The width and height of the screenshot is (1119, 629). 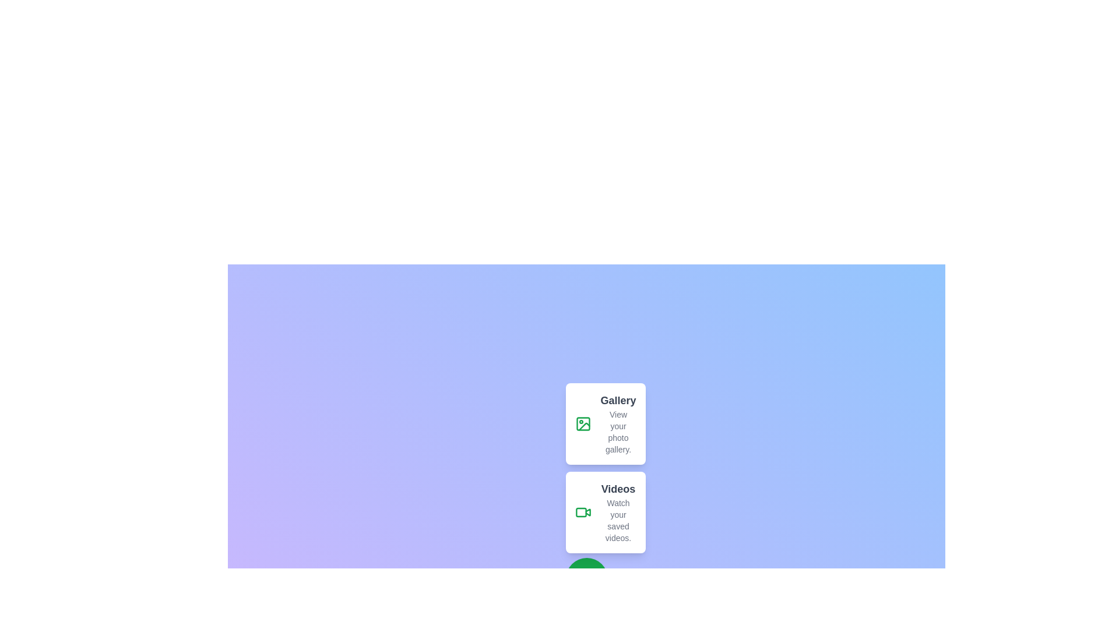 I want to click on the 'Videos' button to select the action, so click(x=605, y=511).